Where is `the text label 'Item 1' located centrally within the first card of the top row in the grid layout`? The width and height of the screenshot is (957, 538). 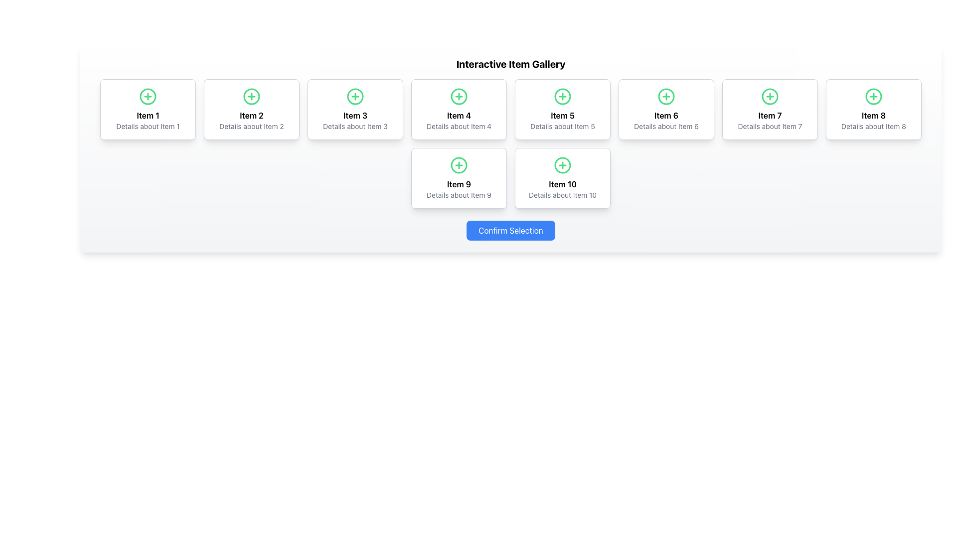 the text label 'Item 1' located centrally within the first card of the top row in the grid layout is located at coordinates (148, 115).